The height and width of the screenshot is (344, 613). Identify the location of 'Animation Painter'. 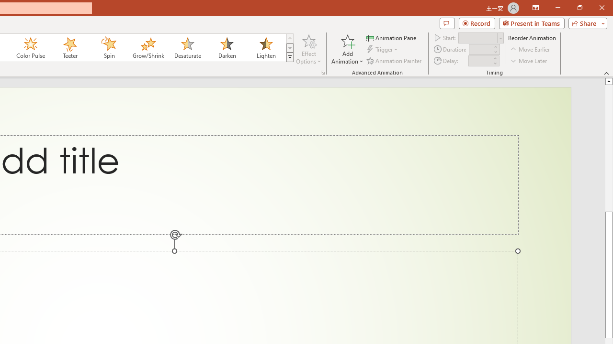
(395, 61).